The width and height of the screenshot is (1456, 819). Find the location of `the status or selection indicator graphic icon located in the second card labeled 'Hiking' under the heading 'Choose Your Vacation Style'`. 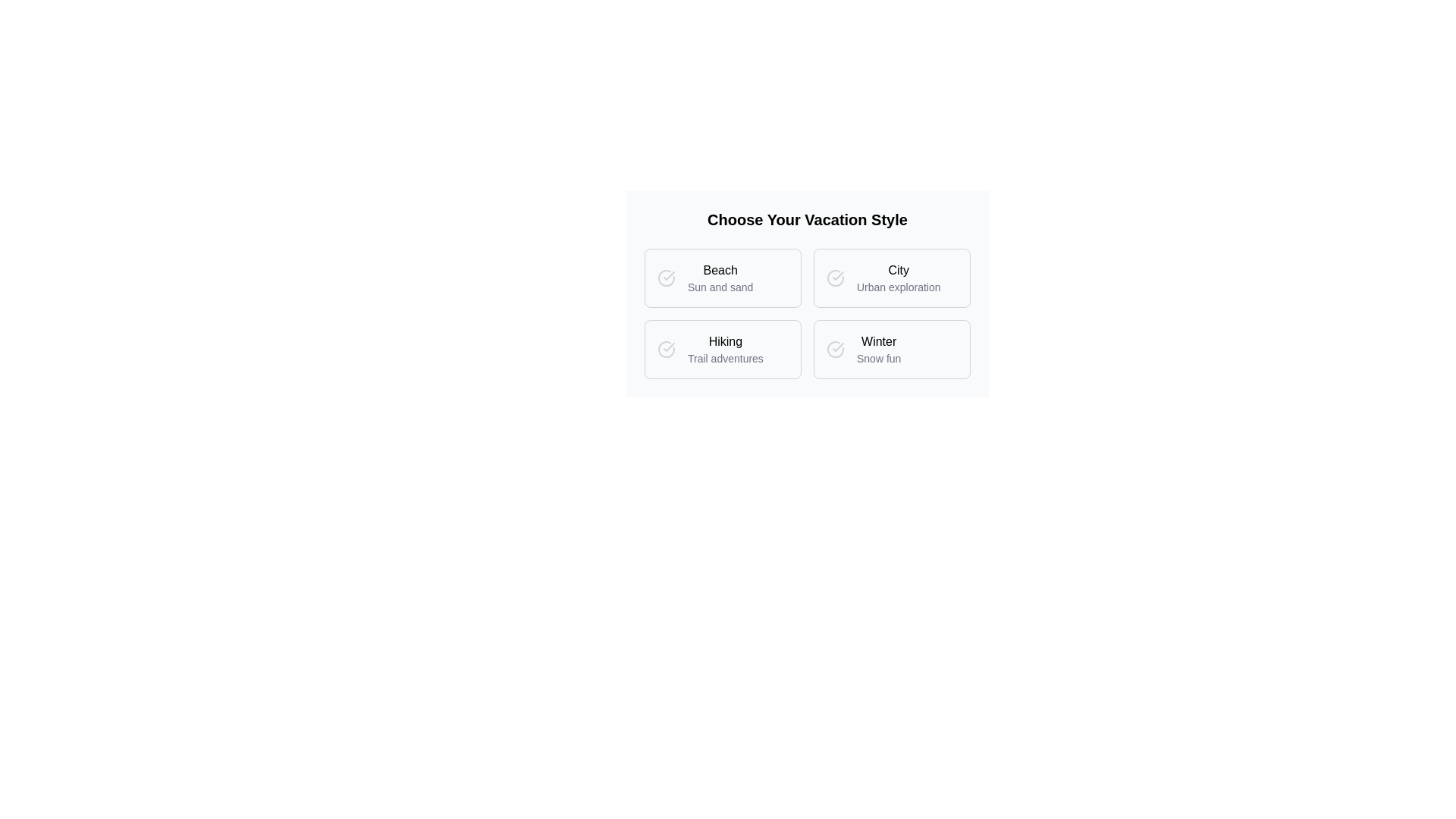

the status or selection indicator graphic icon located in the second card labeled 'Hiking' under the heading 'Choose Your Vacation Style' is located at coordinates (666, 350).